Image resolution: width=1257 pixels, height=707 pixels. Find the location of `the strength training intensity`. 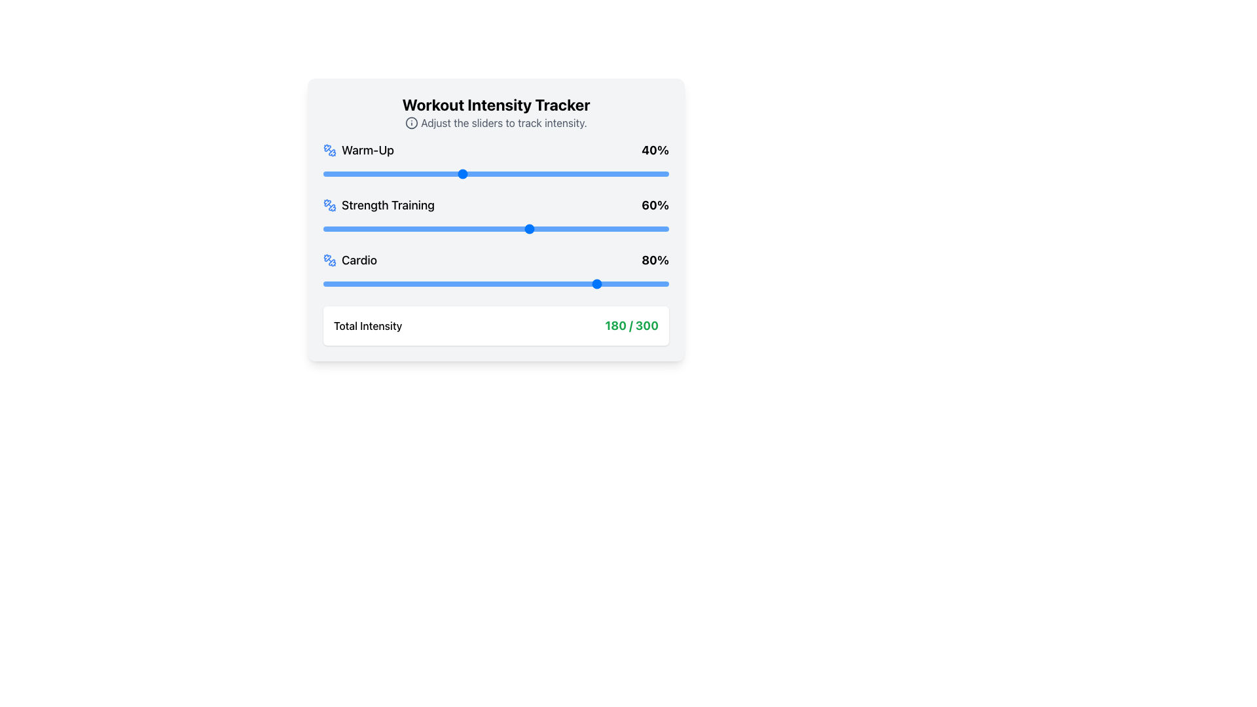

the strength training intensity is located at coordinates (454, 228).